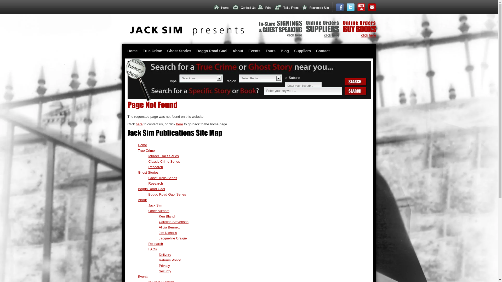  Describe the element at coordinates (278, 51) in the screenshot. I see `'Blog'` at that location.